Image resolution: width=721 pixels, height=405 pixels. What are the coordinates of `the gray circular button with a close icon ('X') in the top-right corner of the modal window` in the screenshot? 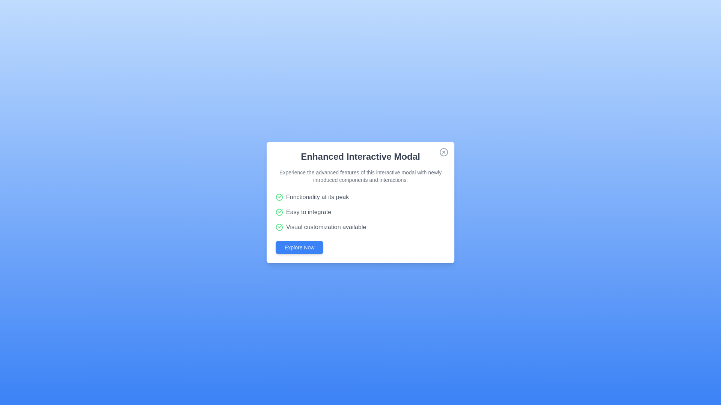 It's located at (443, 152).